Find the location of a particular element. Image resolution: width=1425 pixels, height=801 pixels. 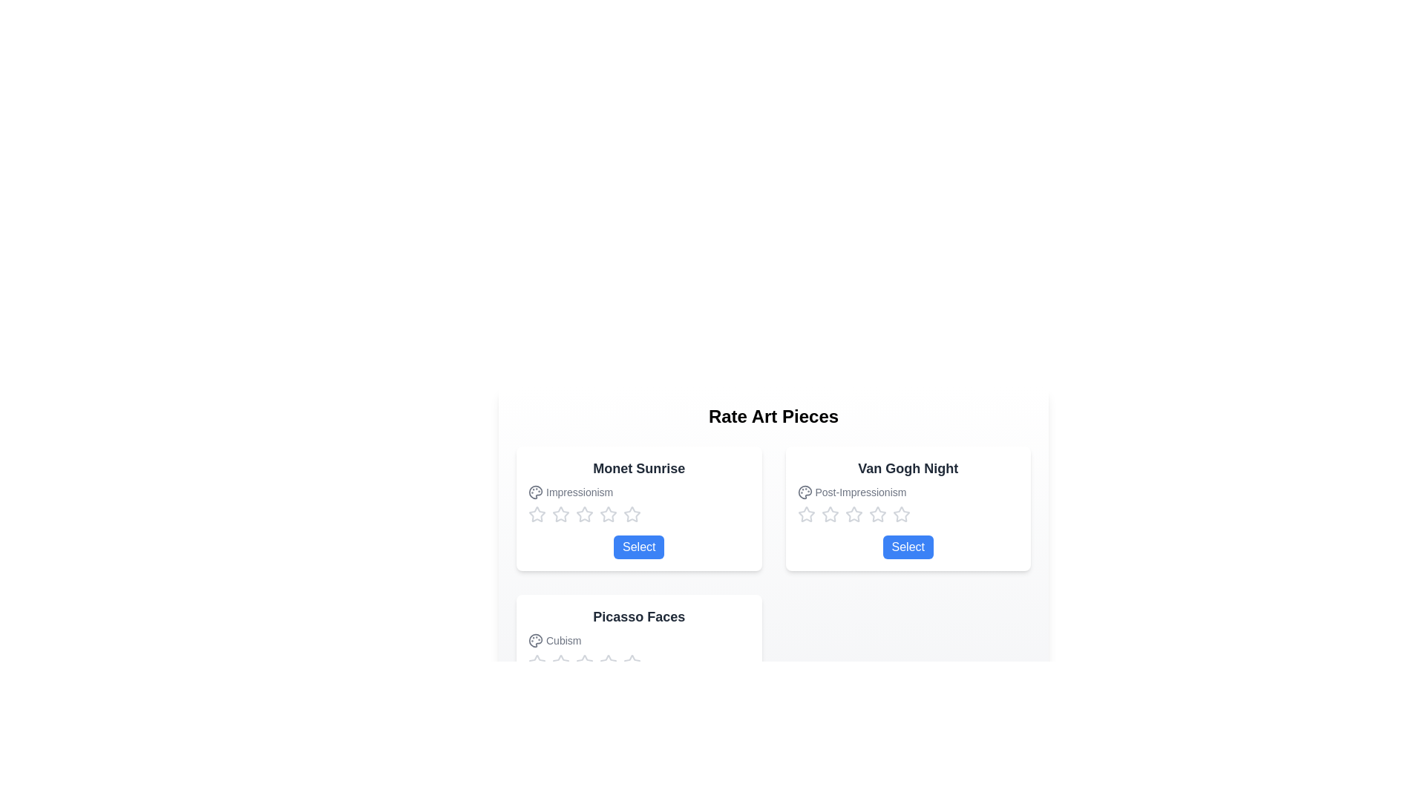

the third star icon in the rating section of the 'Monet Sunrise' card to rate it is located at coordinates (560, 514).